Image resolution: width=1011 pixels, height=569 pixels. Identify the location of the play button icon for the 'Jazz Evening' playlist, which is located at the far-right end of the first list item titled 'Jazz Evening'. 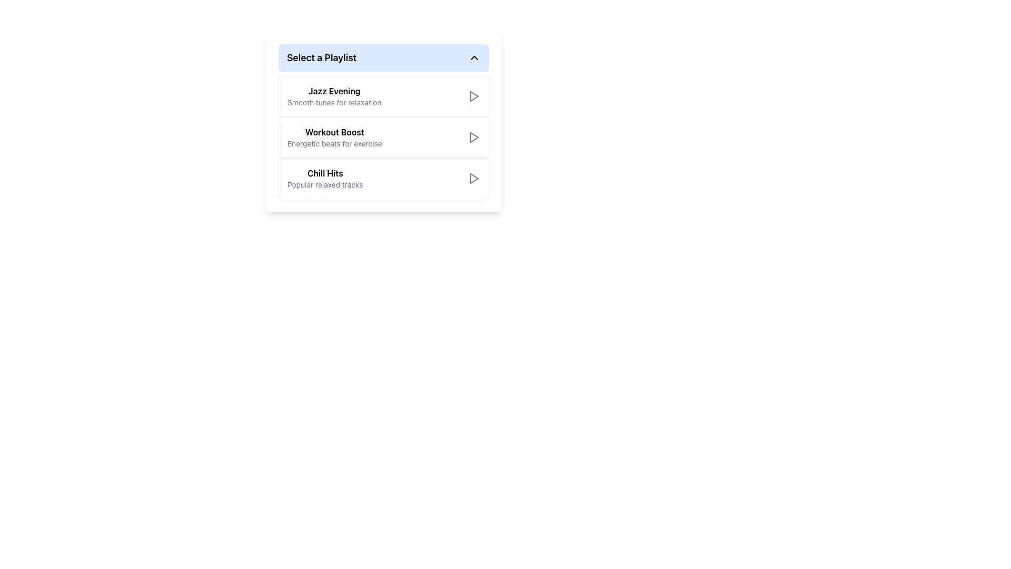
(473, 96).